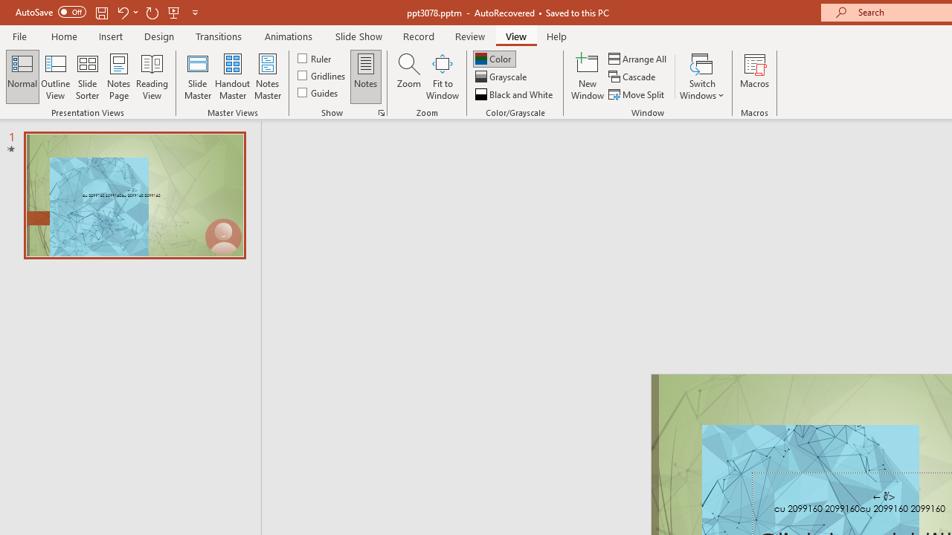 The width and height of the screenshot is (952, 535). I want to click on 'Switch Windows', so click(701, 77).